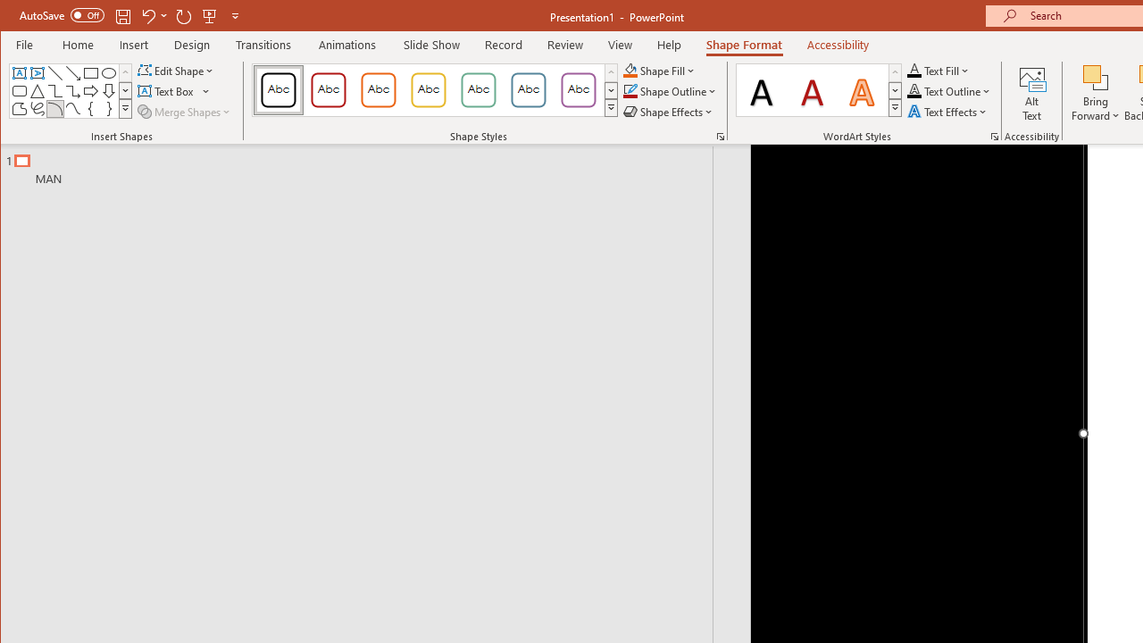  Describe the element at coordinates (263, 44) in the screenshot. I see `'Transitions'` at that location.